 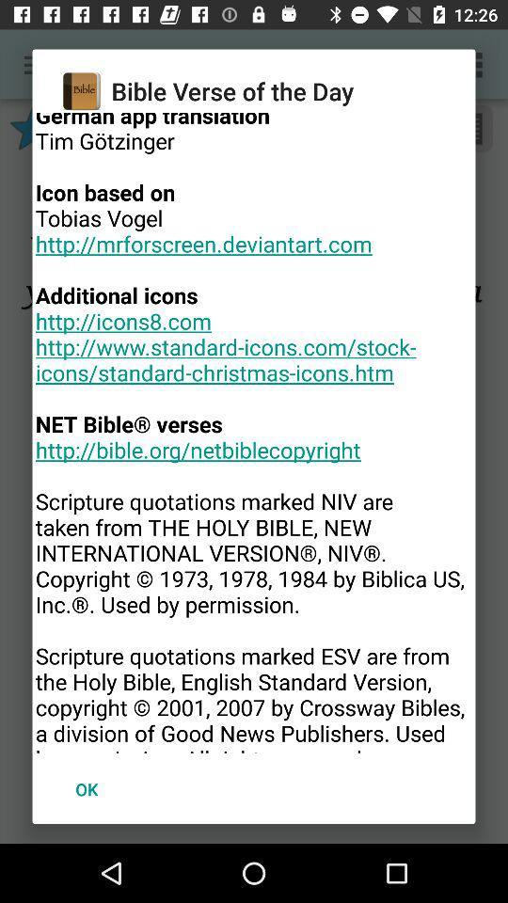 I want to click on the version 10 85 icon, so click(x=254, y=433).